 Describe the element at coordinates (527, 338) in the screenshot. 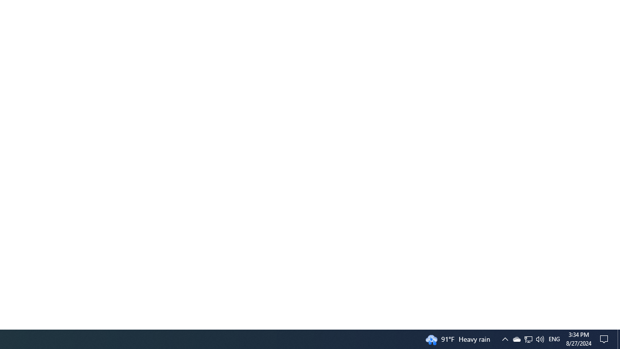

I see `'Notification Chevron'` at that location.